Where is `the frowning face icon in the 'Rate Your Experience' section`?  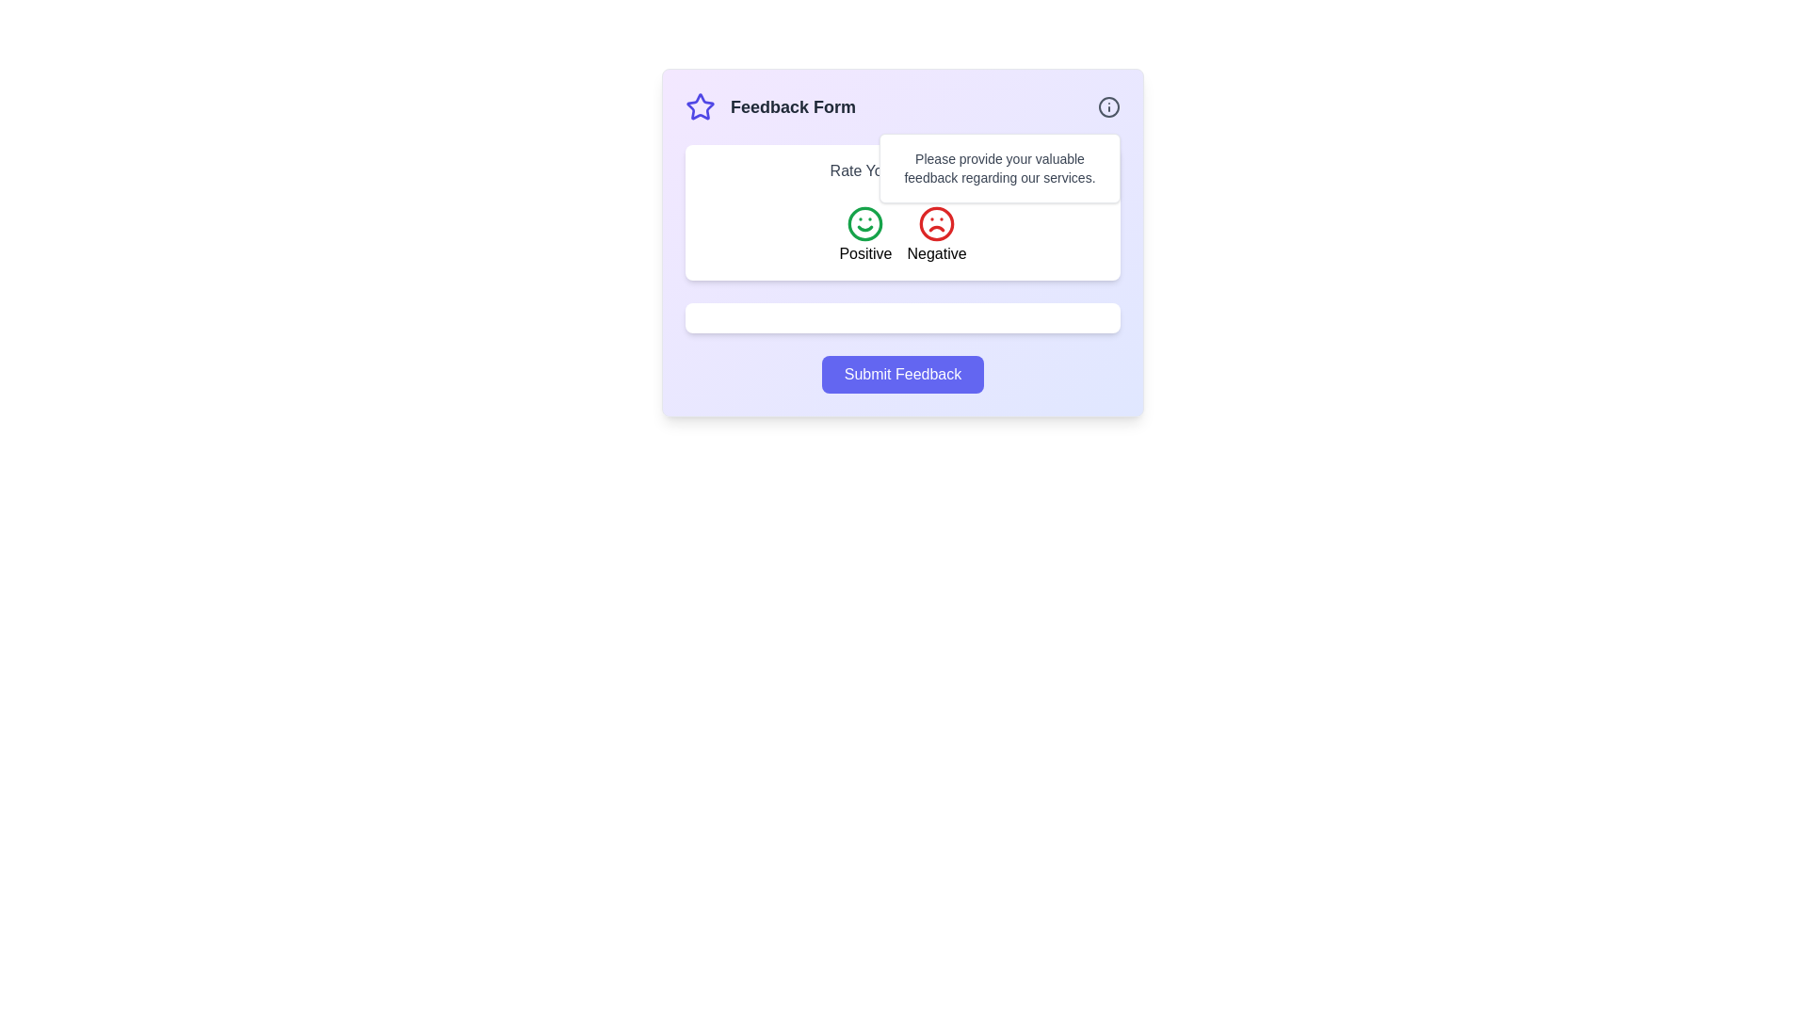
the frowning face icon in the 'Rate Your Experience' section is located at coordinates (936, 223).